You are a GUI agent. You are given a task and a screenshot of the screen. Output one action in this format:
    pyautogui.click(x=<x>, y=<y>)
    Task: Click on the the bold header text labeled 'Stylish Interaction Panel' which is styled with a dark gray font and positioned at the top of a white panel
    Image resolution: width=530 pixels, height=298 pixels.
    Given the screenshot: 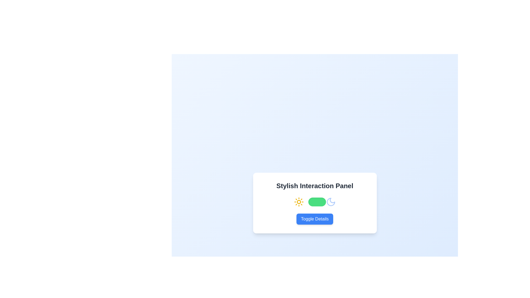 What is the action you would take?
    pyautogui.click(x=315, y=186)
    